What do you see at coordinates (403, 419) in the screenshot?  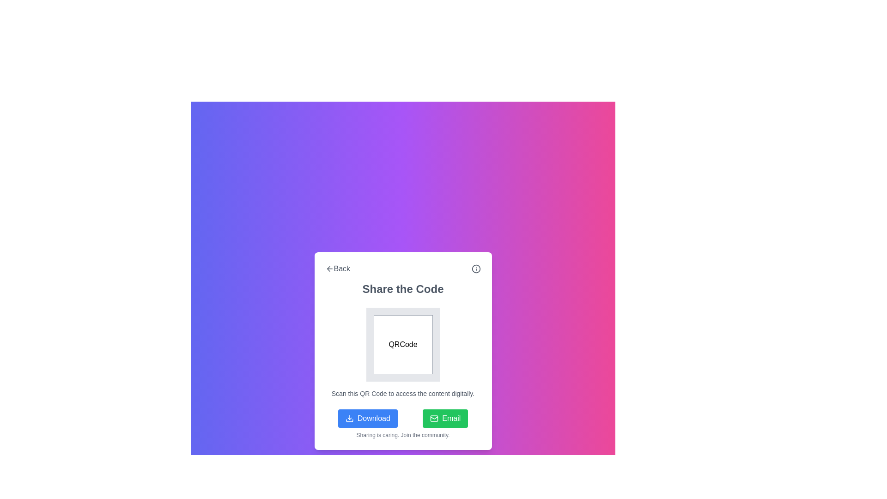 I see `the 'Email' button located at the bottom of the card layout, directly below the QR code image, to share content via email` at bounding box center [403, 419].